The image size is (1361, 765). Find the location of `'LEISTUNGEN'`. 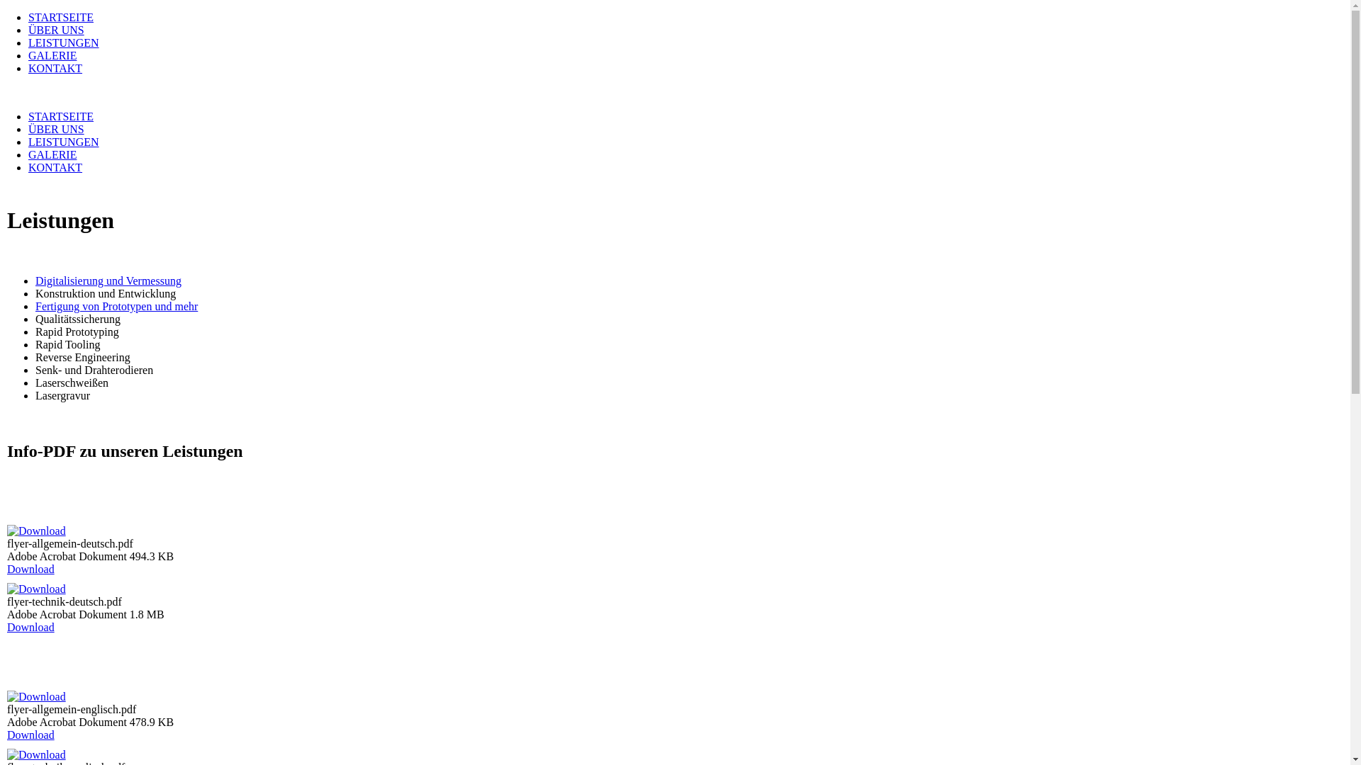

'LEISTUNGEN' is located at coordinates (63, 42).